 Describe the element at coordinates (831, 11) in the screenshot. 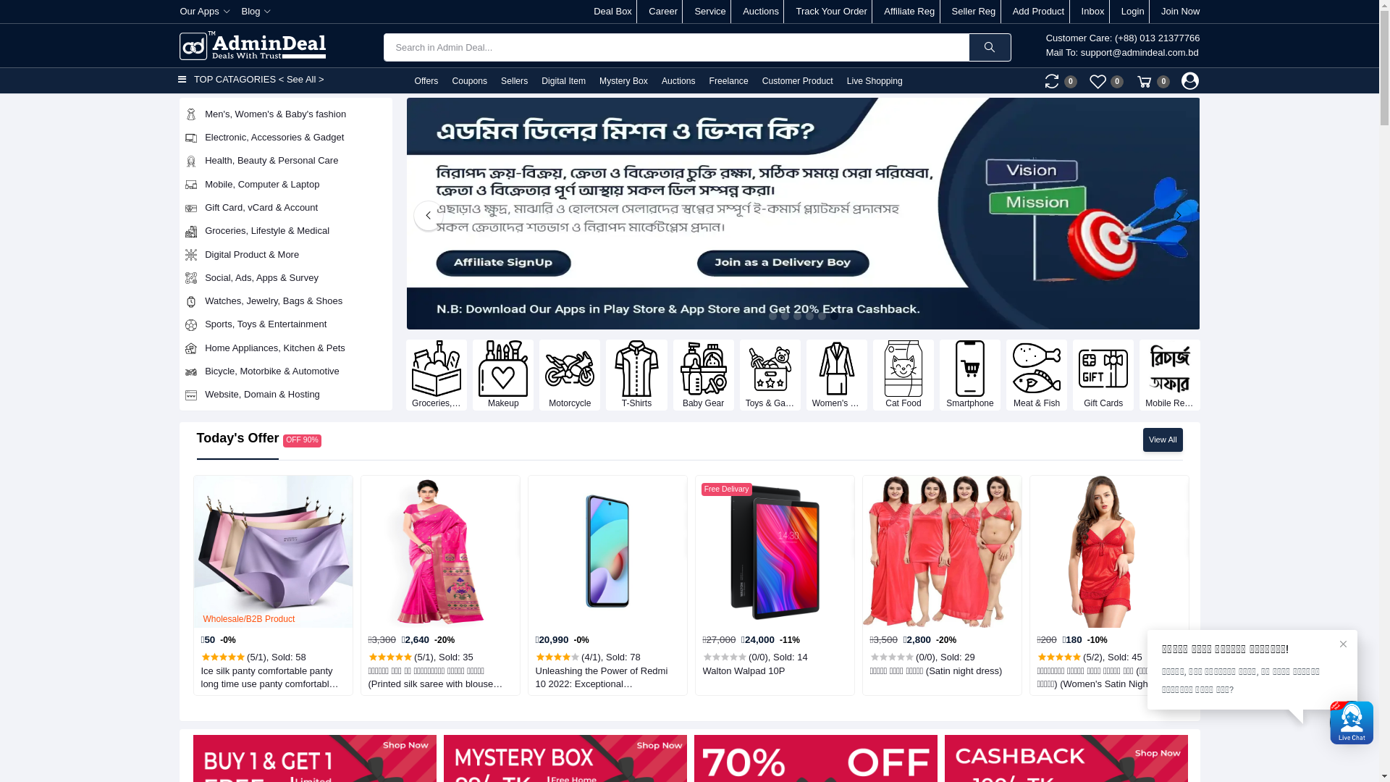

I see `'Track Your Order'` at that location.